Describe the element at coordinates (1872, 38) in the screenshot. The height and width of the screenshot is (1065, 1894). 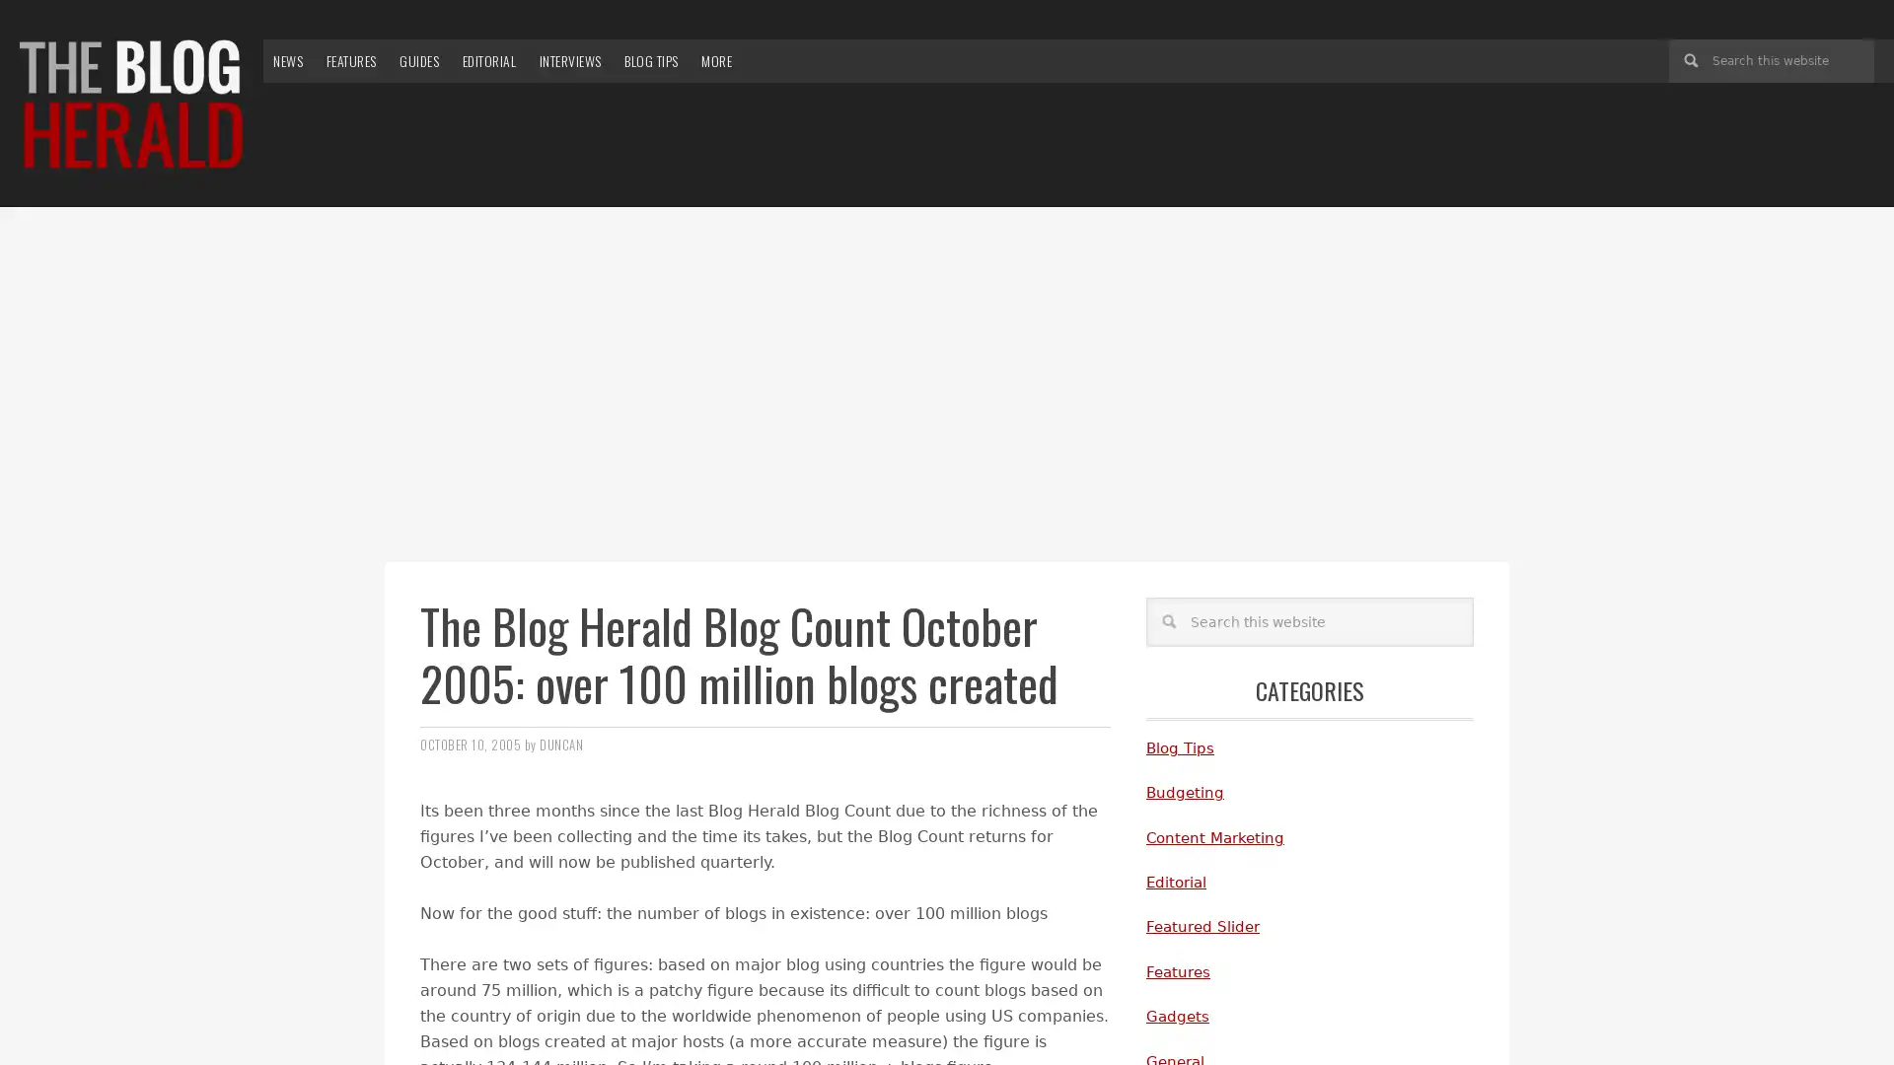
I see `Search` at that location.